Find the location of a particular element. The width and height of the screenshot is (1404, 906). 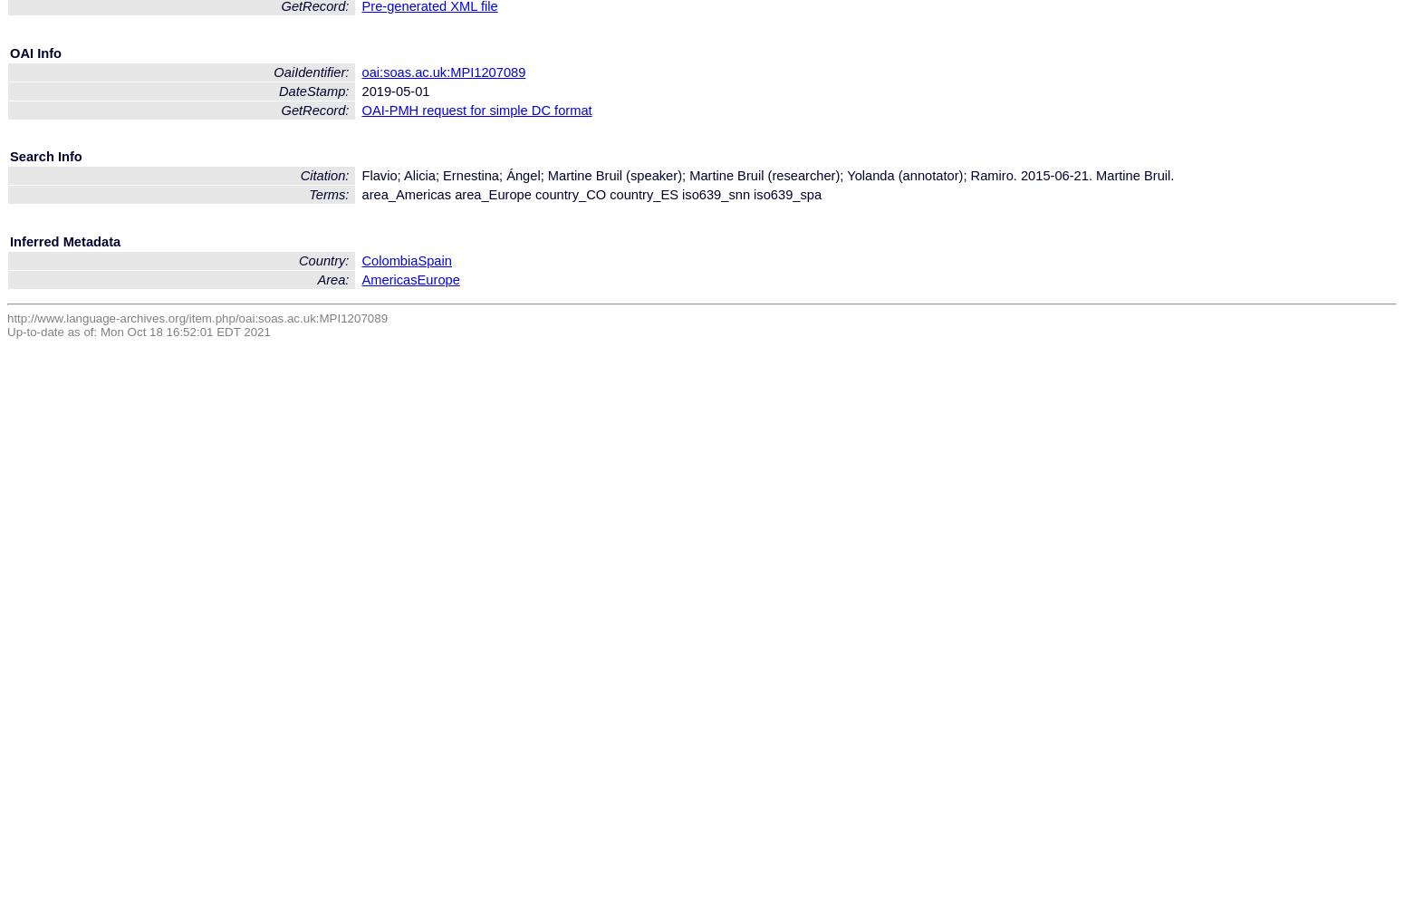

'OaiIdentifier:' is located at coordinates (312, 71).